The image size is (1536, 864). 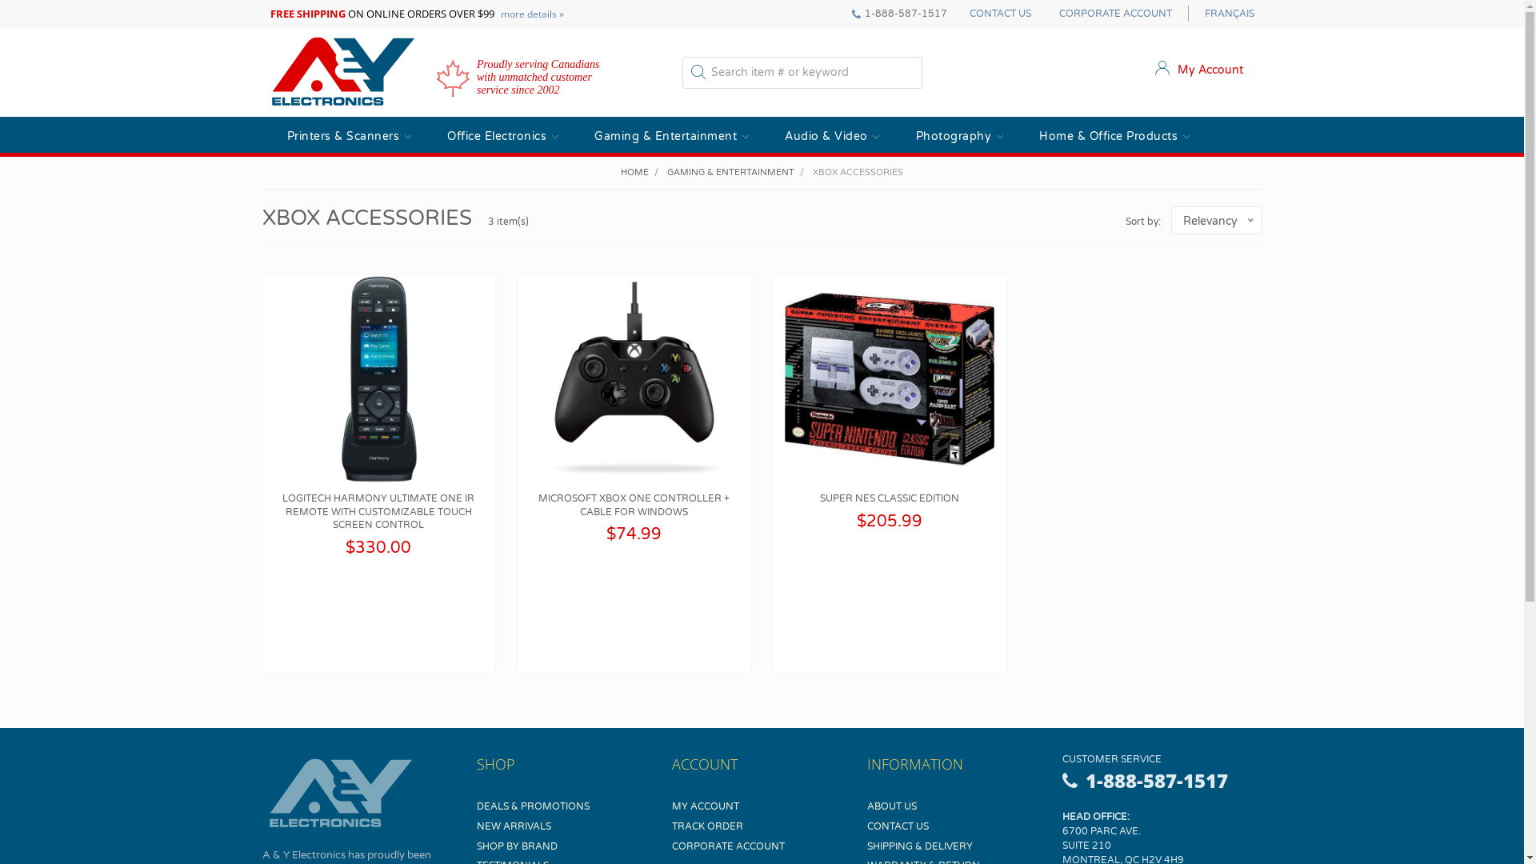 I want to click on 'My Account', so click(x=1138, y=69).